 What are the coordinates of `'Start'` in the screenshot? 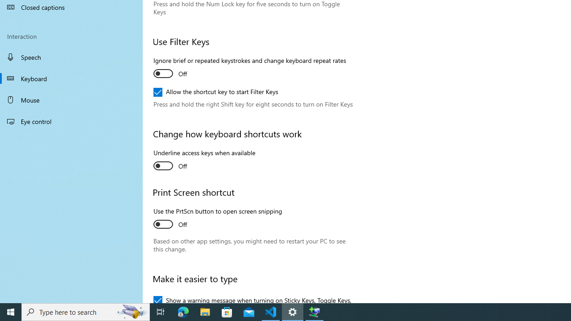 It's located at (11, 311).